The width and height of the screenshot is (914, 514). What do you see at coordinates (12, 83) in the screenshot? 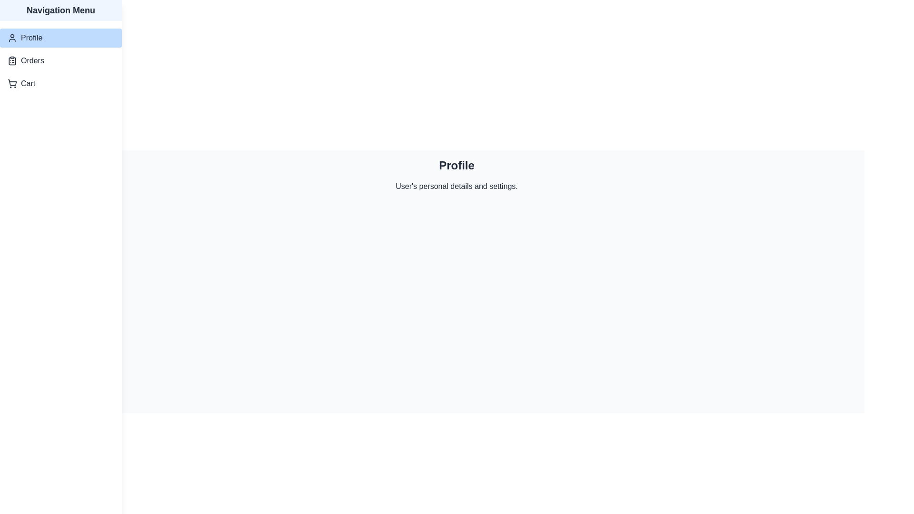
I see `the 'Cart' icon located in the left-side navigation panel` at bounding box center [12, 83].